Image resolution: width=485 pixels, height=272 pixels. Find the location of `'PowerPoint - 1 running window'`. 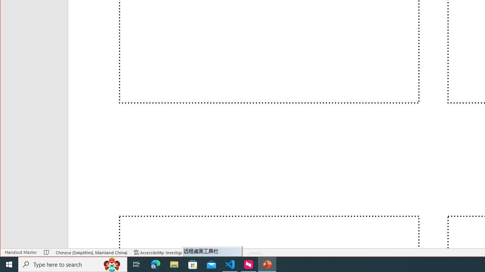

'PowerPoint - 1 running window' is located at coordinates (267, 264).